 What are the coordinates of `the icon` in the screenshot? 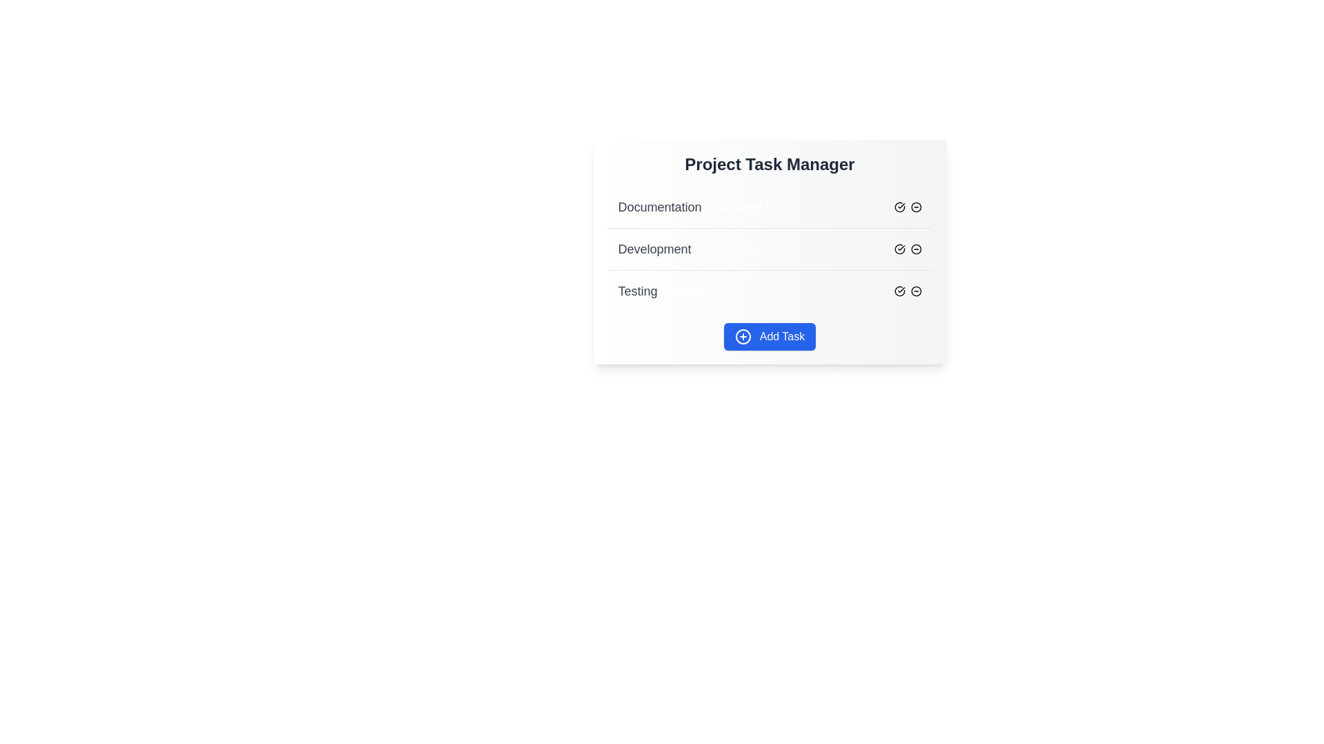 It's located at (916, 249).